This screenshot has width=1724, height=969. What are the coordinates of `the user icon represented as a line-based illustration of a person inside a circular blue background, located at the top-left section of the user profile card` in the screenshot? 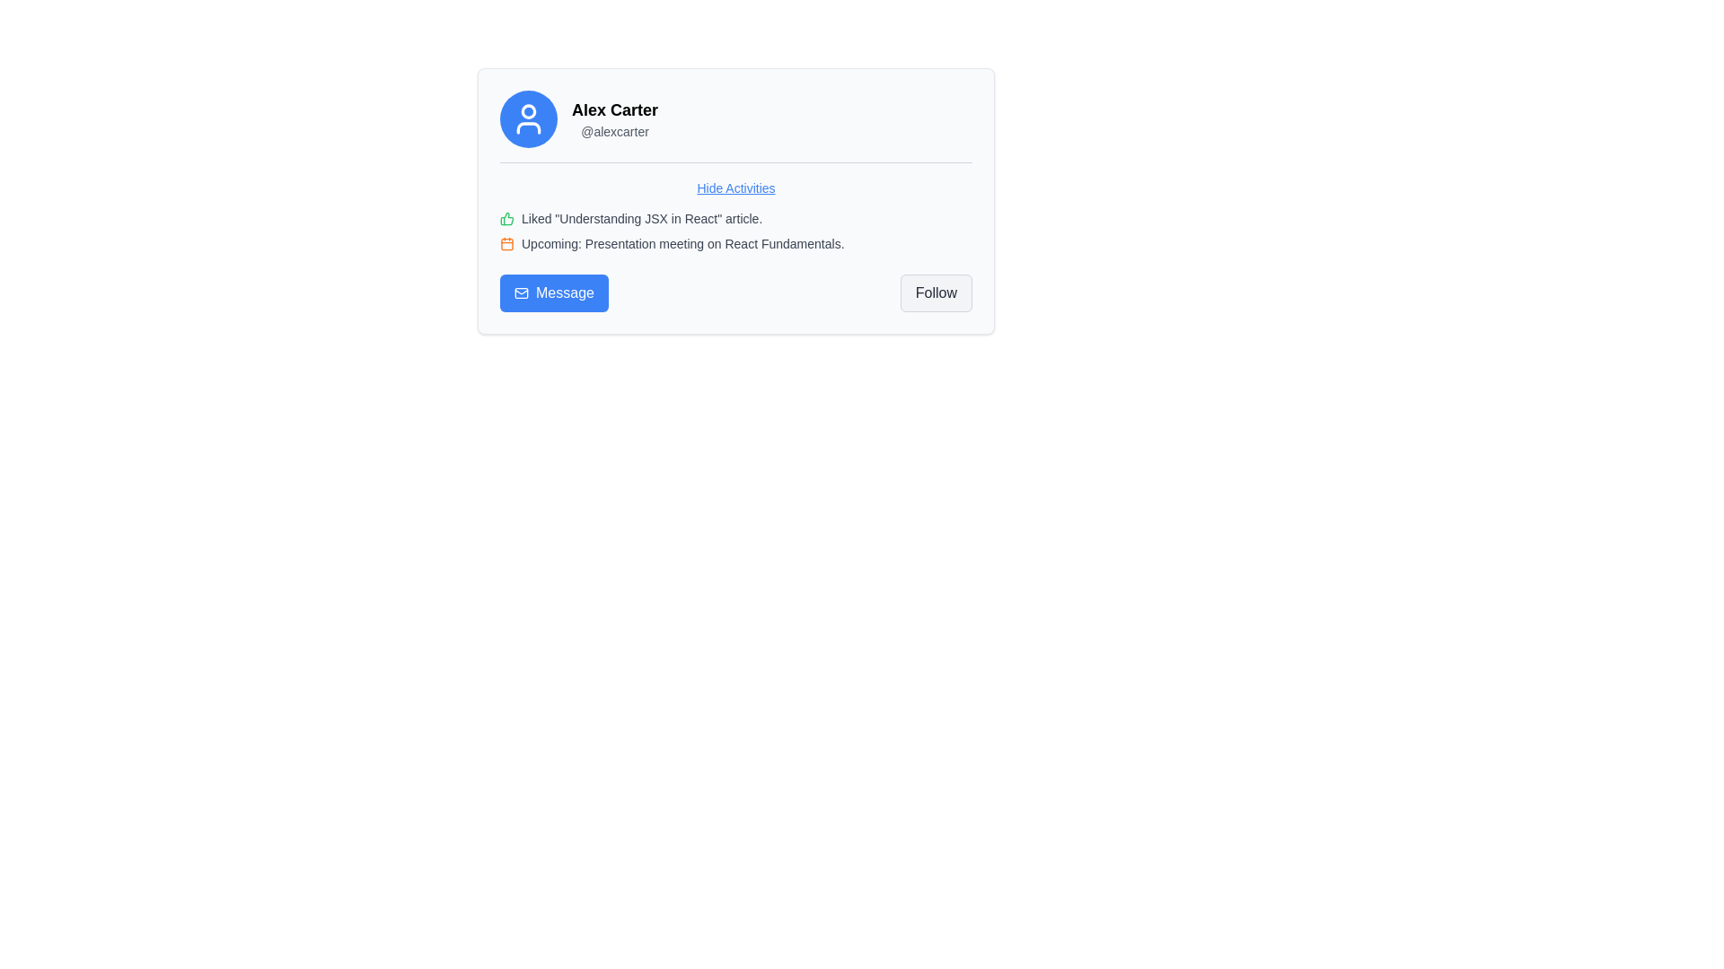 It's located at (528, 118).